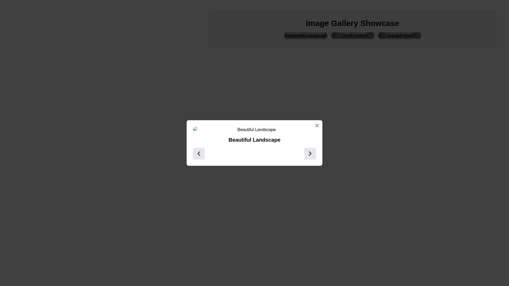  Describe the element at coordinates (198, 153) in the screenshot. I see `the leftmost SVG-based navigation button icon located in the lower central area of the dialog box` at that location.